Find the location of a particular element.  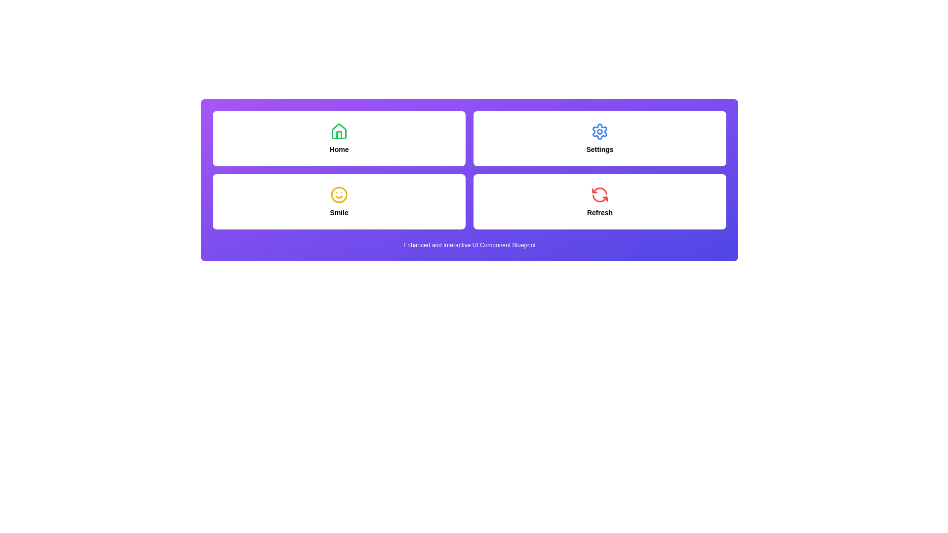

the gear icon representing settings or configuration options located in the top-right quadrant of the interface is located at coordinates (599, 131).